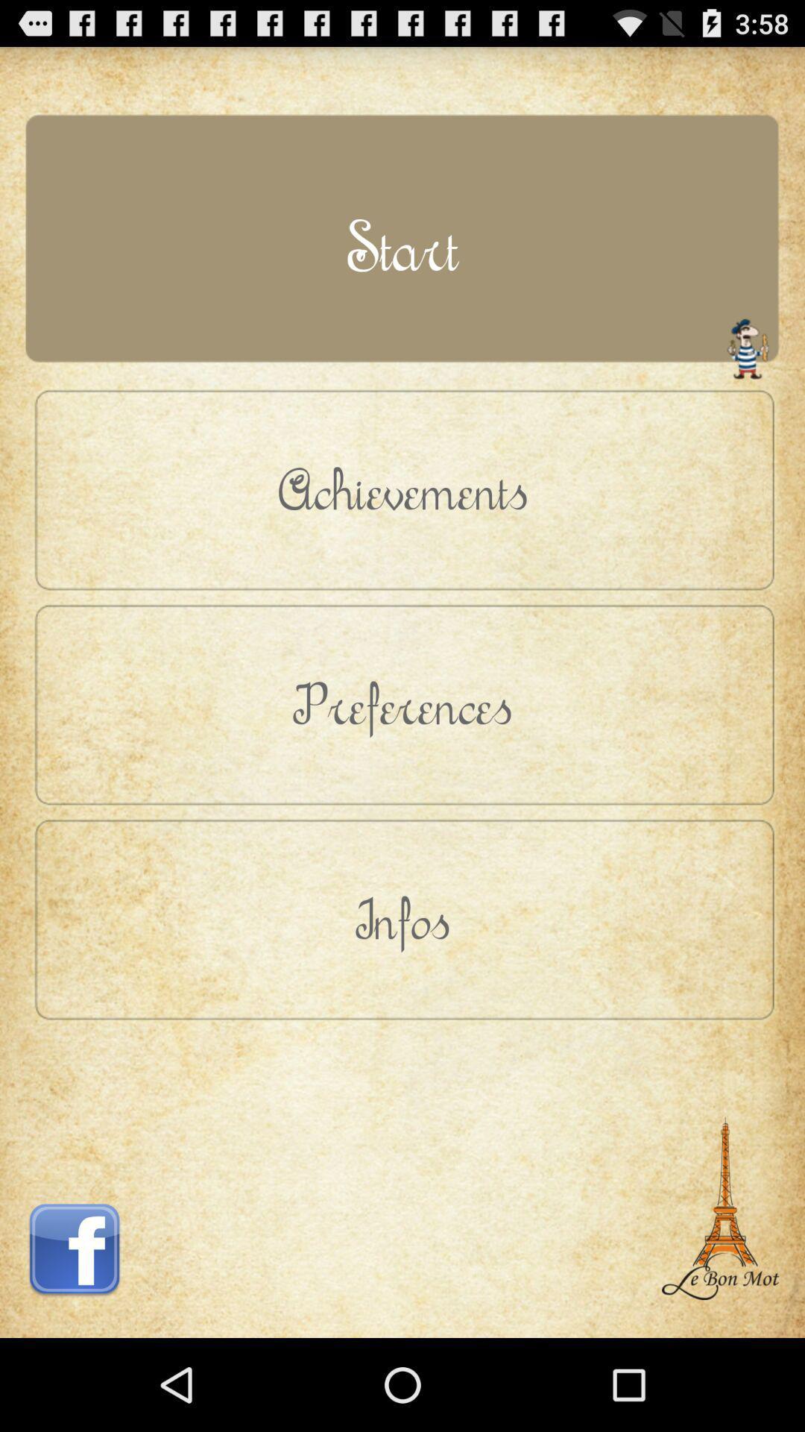 The height and width of the screenshot is (1432, 805). What do you see at coordinates (402, 918) in the screenshot?
I see `infos` at bounding box center [402, 918].